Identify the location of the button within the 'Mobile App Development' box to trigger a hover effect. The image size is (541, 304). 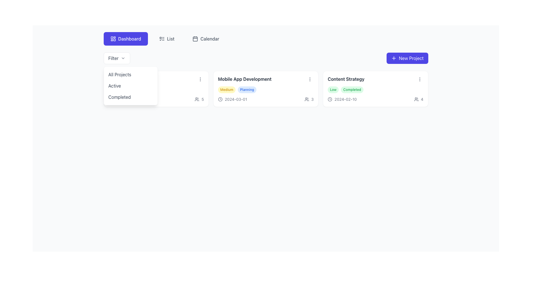
(310, 79).